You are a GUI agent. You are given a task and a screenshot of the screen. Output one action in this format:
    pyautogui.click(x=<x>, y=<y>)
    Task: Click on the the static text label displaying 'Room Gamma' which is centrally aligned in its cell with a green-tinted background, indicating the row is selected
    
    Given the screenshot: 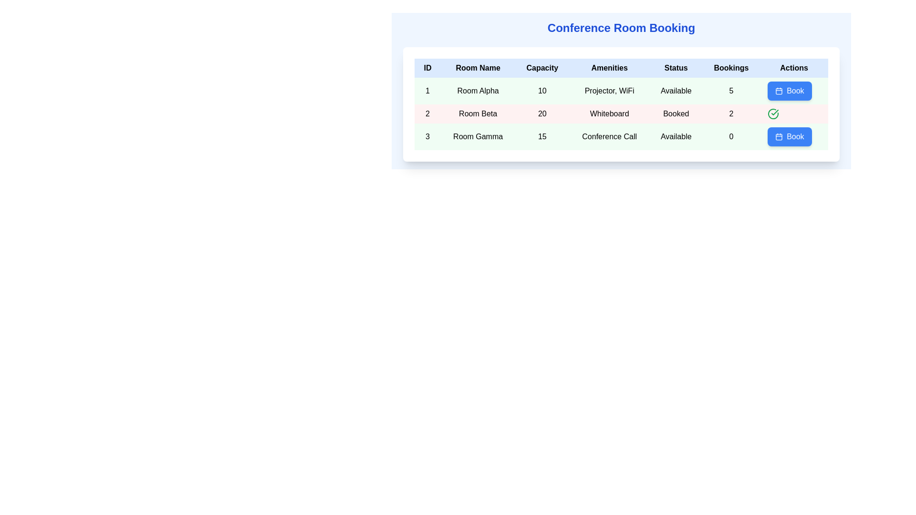 What is the action you would take?
    pyautogui.click(x=478, y=136)
    